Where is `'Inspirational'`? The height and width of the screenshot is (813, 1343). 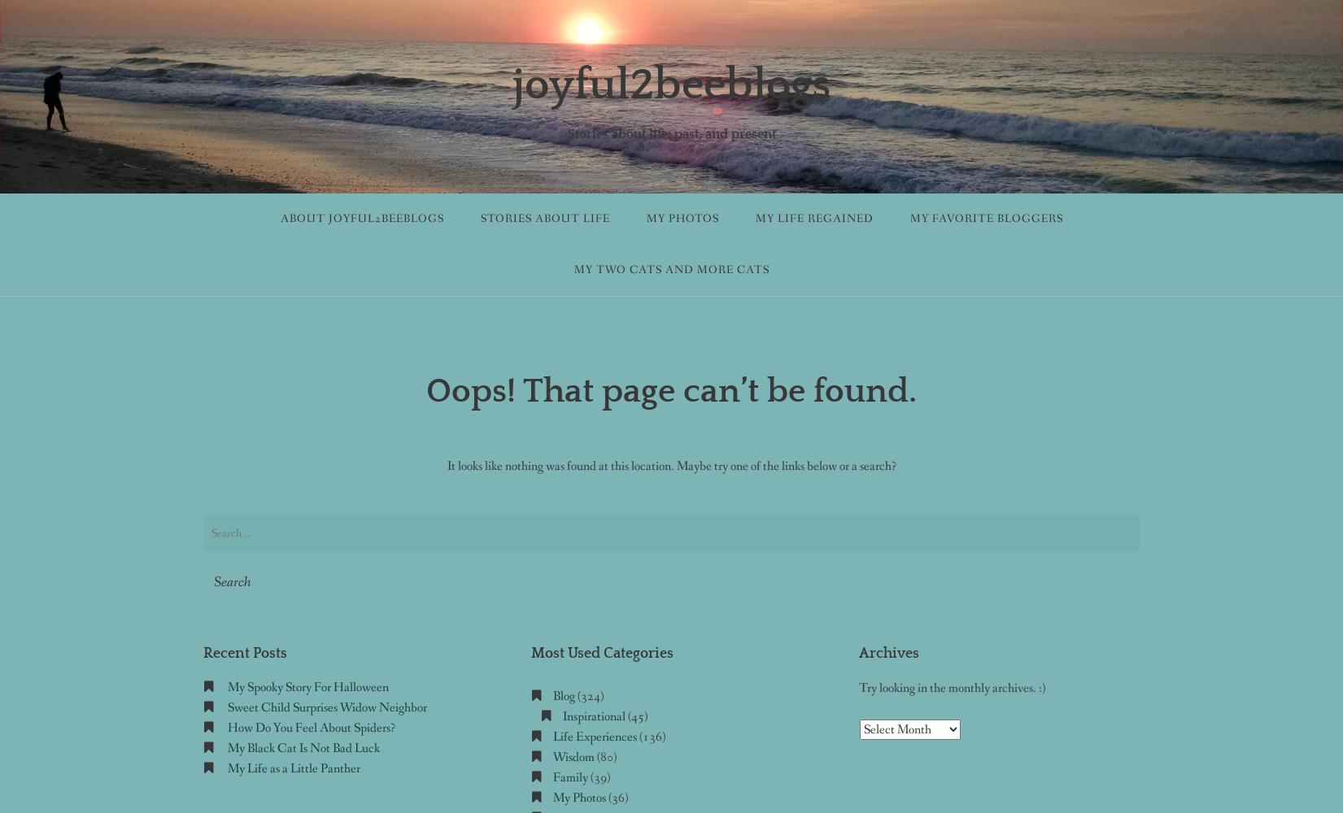 'Inspirational' is located at coordinates (593, 716).